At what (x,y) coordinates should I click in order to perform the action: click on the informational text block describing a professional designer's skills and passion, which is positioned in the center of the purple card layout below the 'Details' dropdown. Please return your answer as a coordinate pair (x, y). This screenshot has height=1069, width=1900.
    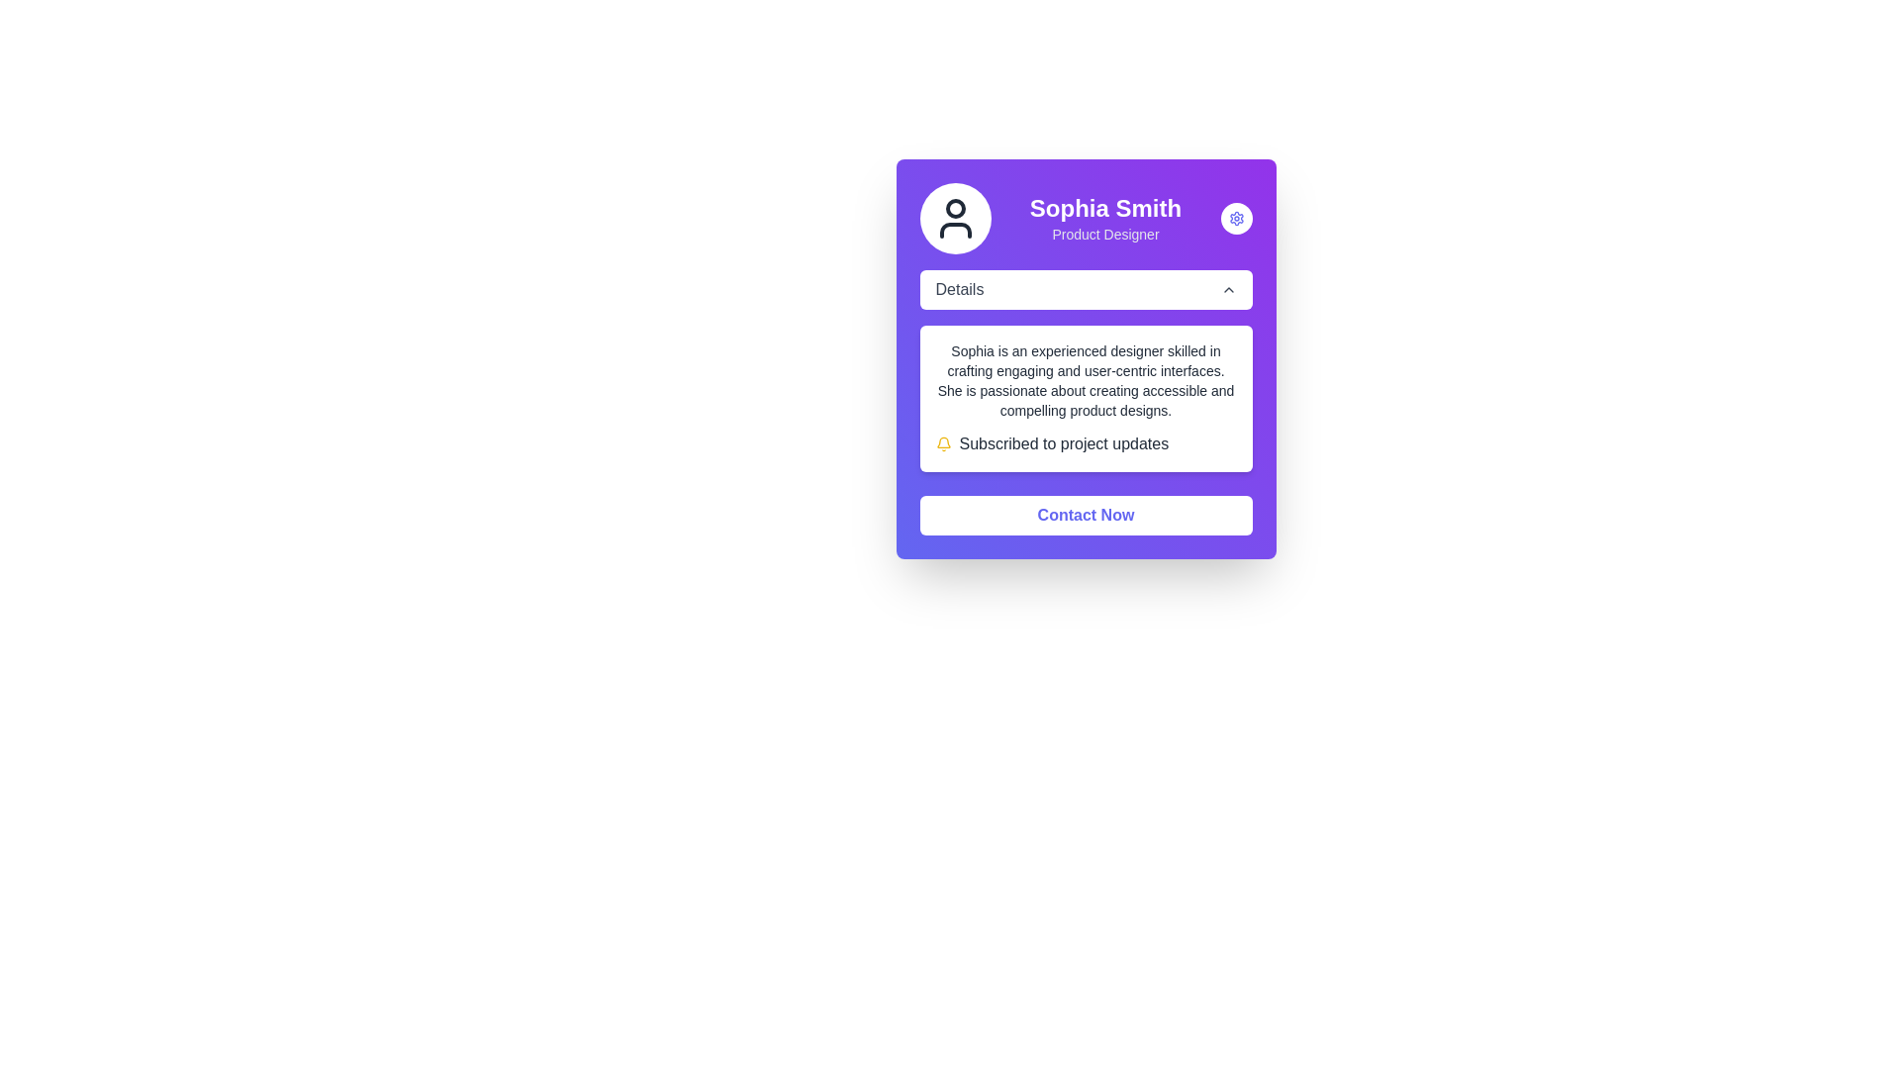
    Looking at the image, I should click on (1085, 381).